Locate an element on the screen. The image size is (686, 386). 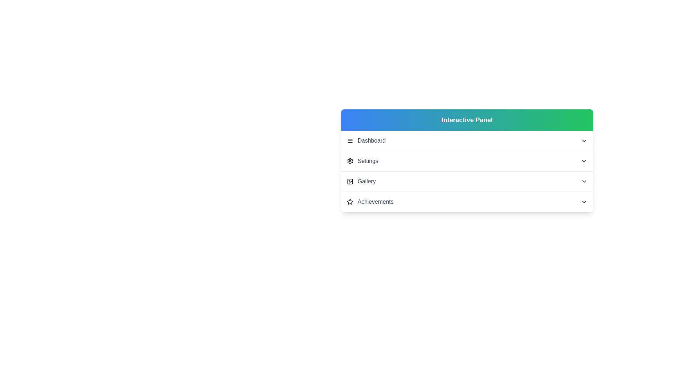
the decorative icon that marks items or indicates features like favorites or ratings, located in the middle of the right section of the panel, below other interactive menu elements is located at coordinates (350, 202).